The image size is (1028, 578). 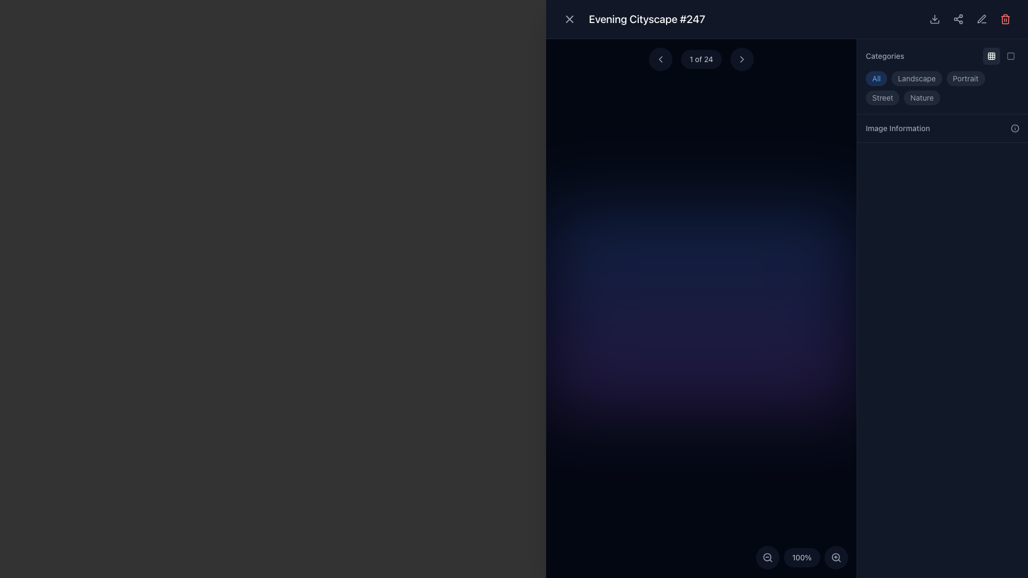 What do you see at coordinates (1015, 127) in the screenshot?
I see `the small circular icon with an outlined 'i' inside a bordered circle located at the far-right side of the 'Image Information' section` at bounding box center [1015, 127].